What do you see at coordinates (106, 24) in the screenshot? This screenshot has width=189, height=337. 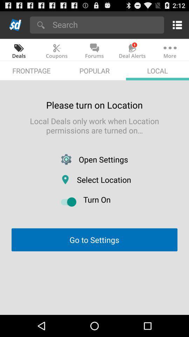 I see `the item above the coupons icon` at bounding box center [106, 24].